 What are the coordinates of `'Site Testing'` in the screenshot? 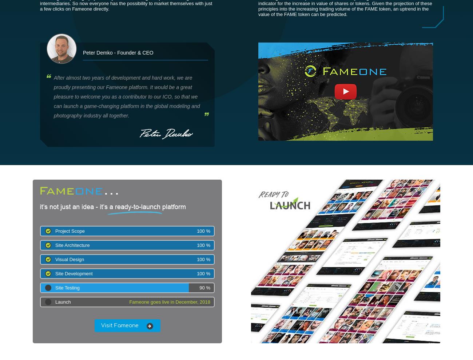 It's located at (67, 288).